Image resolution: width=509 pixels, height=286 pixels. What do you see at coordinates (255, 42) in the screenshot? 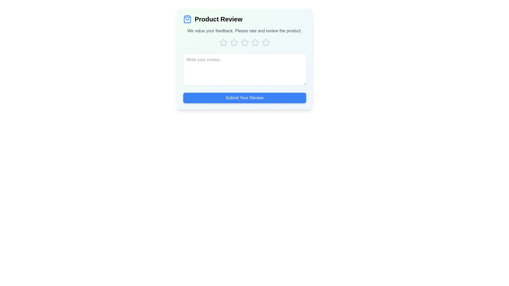
I see `the fourth rating star icon in the review form to observe the hover effect` at bounding box center [255, 42].